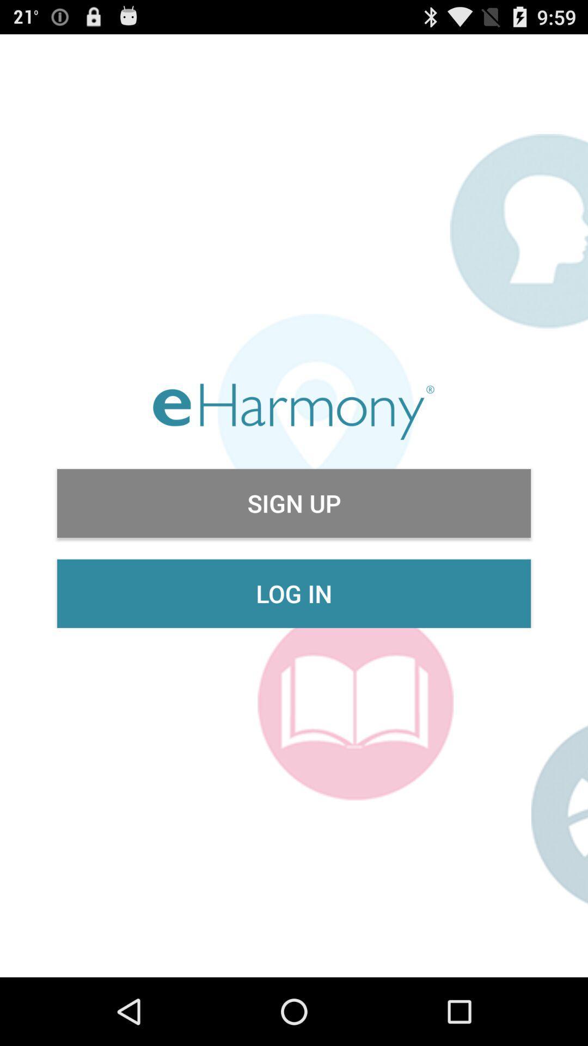 This screenshot has height=1046, width=588. I want to click on the log in icon, so click(294, 593).